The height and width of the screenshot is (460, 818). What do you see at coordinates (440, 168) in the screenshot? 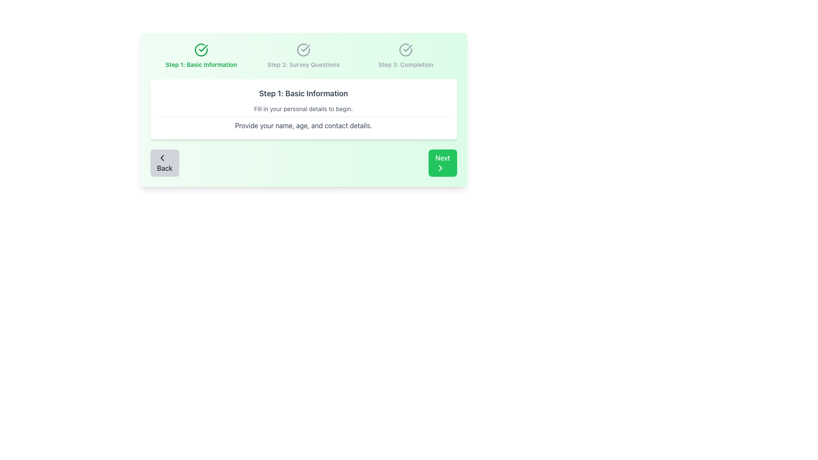
I see `the right-facing chevron icon located within the green 'Next' button in the bottom-right corner of the navigation interface` at bounding box center [440, 168].